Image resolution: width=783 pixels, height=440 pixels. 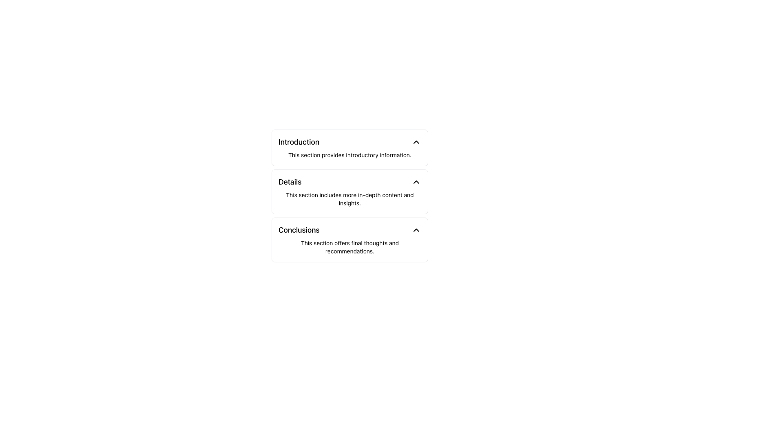 I want to click on the Chevron Icon that collapses the 'Introduction' section, located in the upper right corner of the section, so click(x=416, y=141).